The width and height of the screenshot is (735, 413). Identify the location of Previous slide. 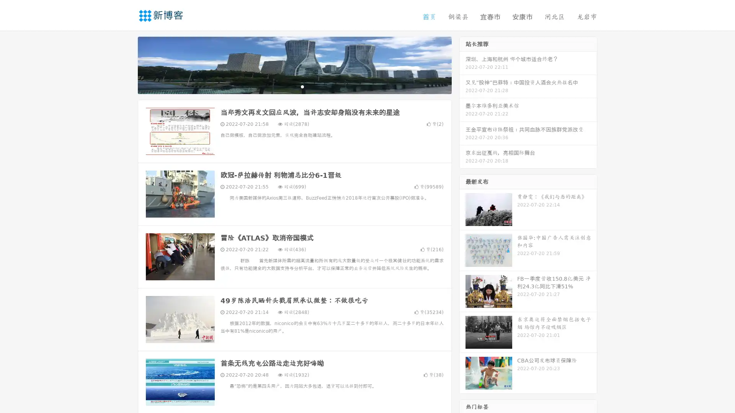
(126, 64).